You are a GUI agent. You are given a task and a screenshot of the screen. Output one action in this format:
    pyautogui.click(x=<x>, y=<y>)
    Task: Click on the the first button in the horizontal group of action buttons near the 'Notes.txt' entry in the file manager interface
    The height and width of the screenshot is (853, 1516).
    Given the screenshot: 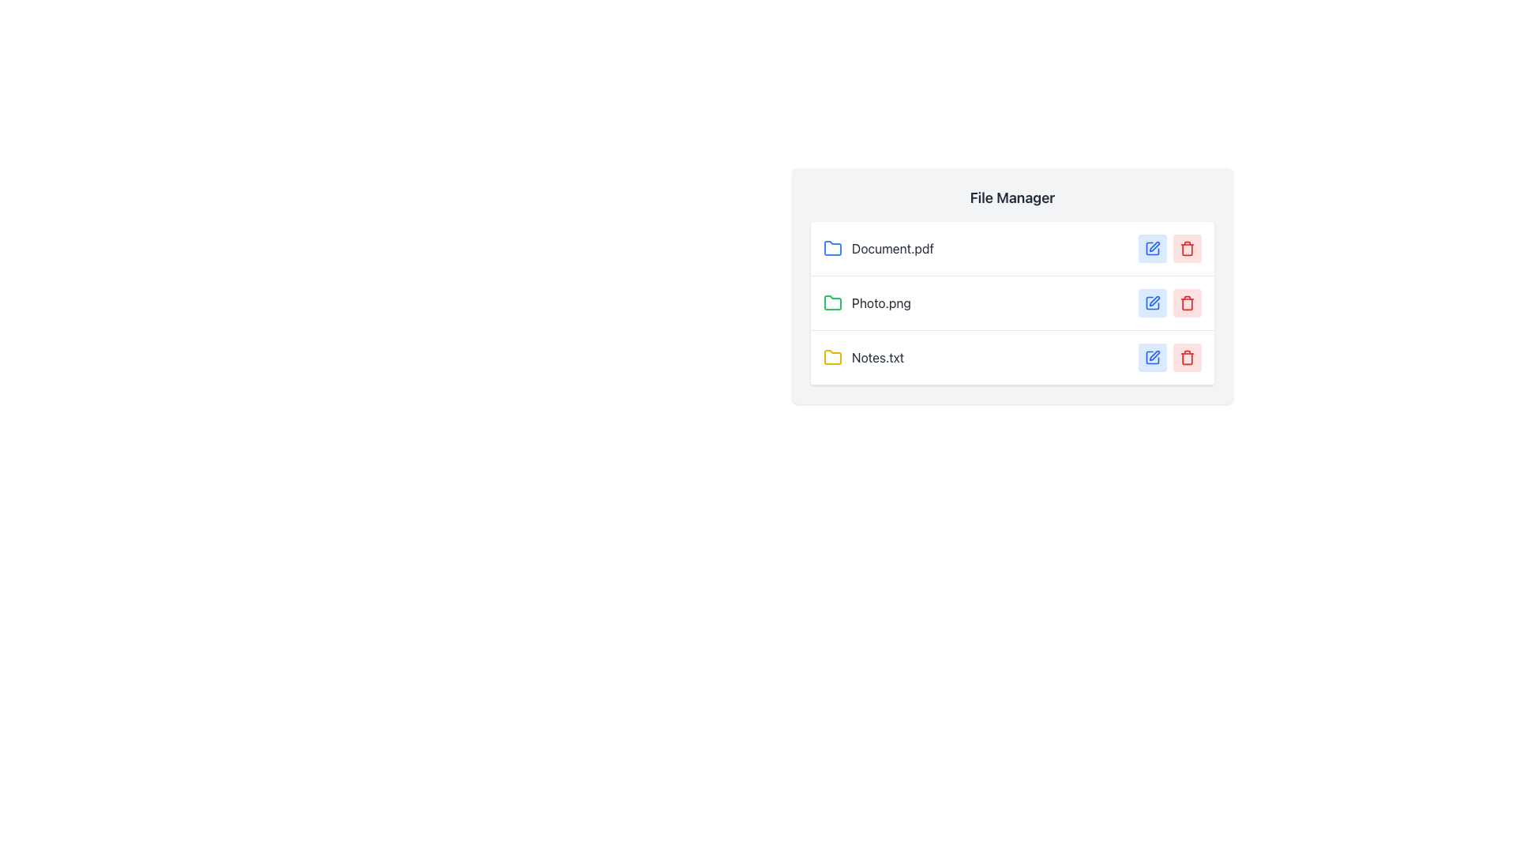 What is the action you would take?
    pyautogui.click(x=1152, y=357)
    